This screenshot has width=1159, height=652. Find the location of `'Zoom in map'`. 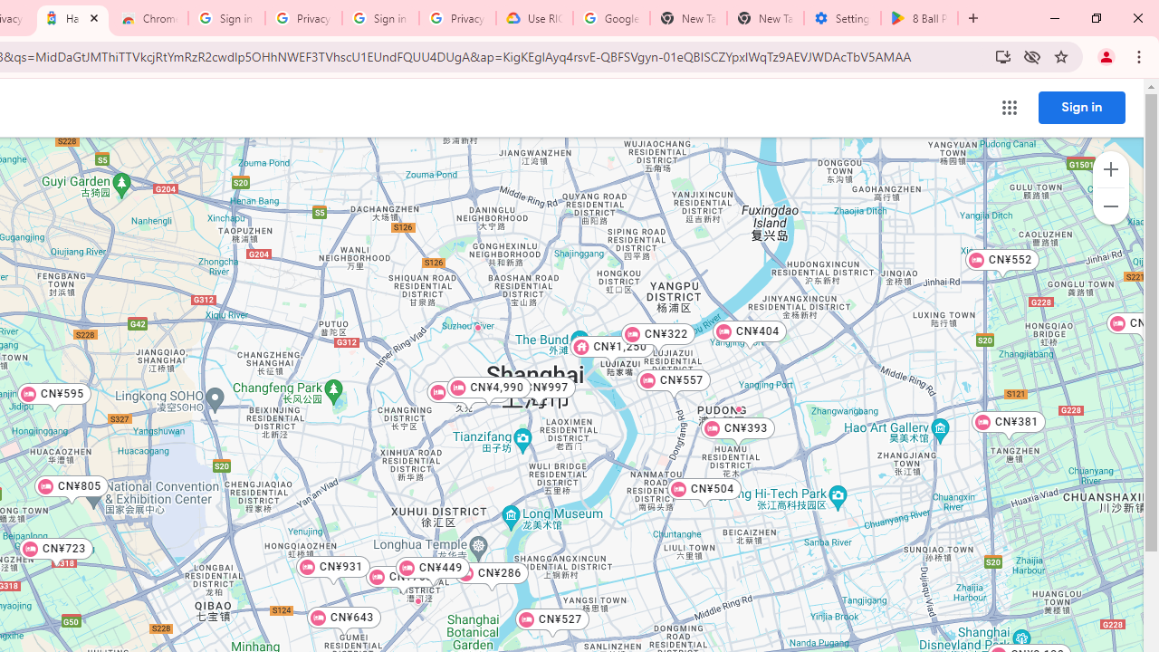

'Zoom in map' is located at coordinates (1109, 169).